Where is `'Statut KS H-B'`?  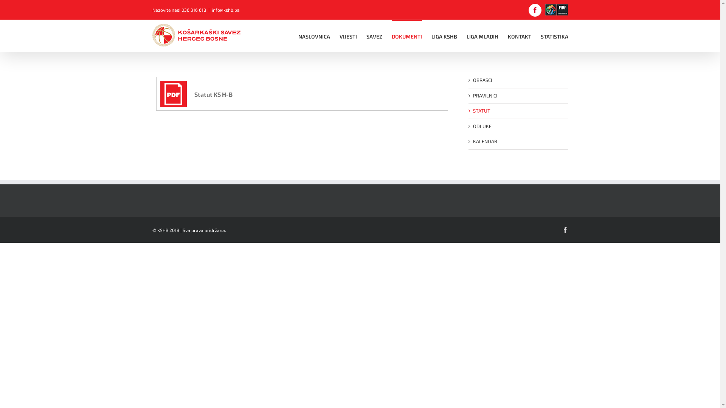 'Statut KS H-B' is located at coordinates (160, 94).